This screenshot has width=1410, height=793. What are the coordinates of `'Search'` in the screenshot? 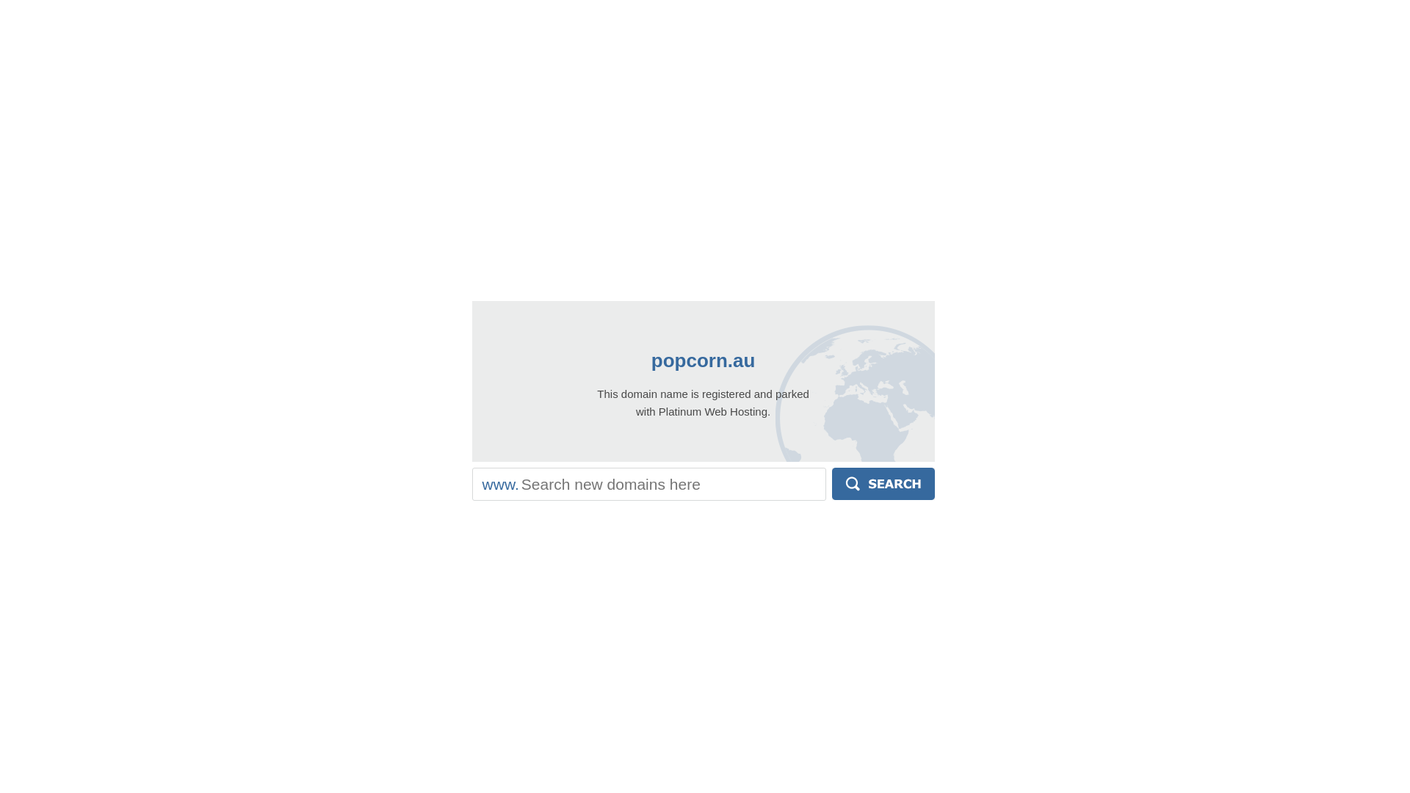 It's located at (883, 484).